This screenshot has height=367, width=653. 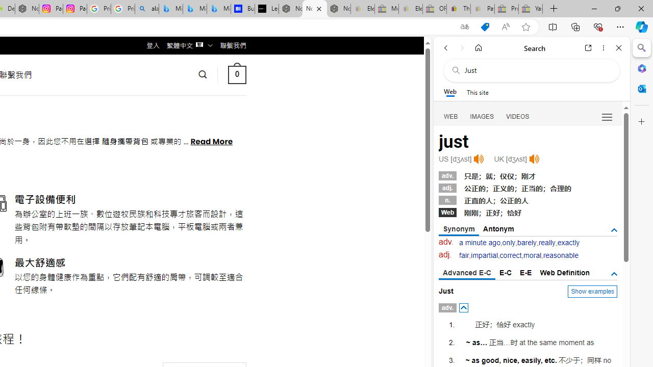 What do you see at coordinates (534, 159) in the screenshot?
I see `'Click to listen'` at bounding box center [534, 159].